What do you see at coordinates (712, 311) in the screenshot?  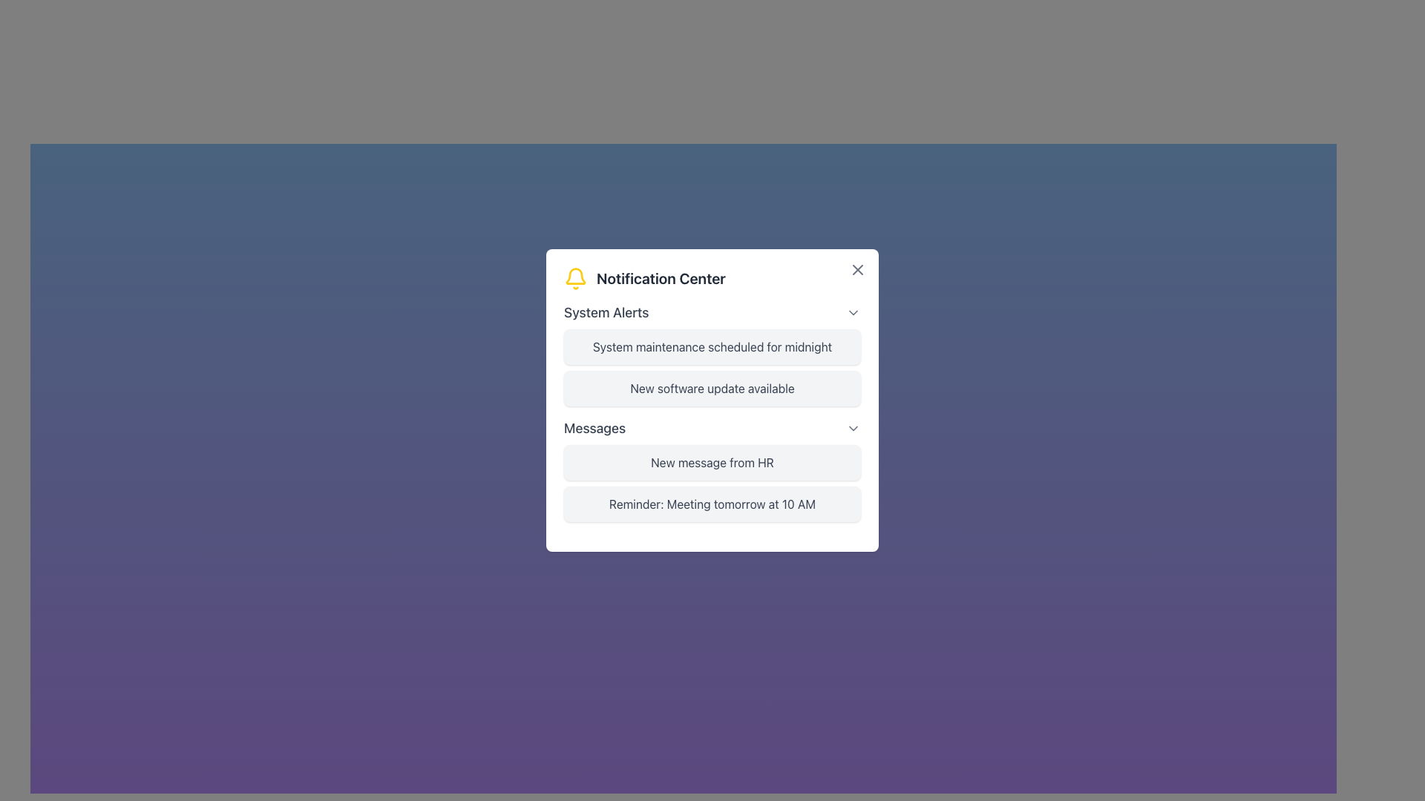 I see `the 'System Alerts' dropdown header using the keyboard and select it to toggle the notifications` at bounding box center [712, 311].